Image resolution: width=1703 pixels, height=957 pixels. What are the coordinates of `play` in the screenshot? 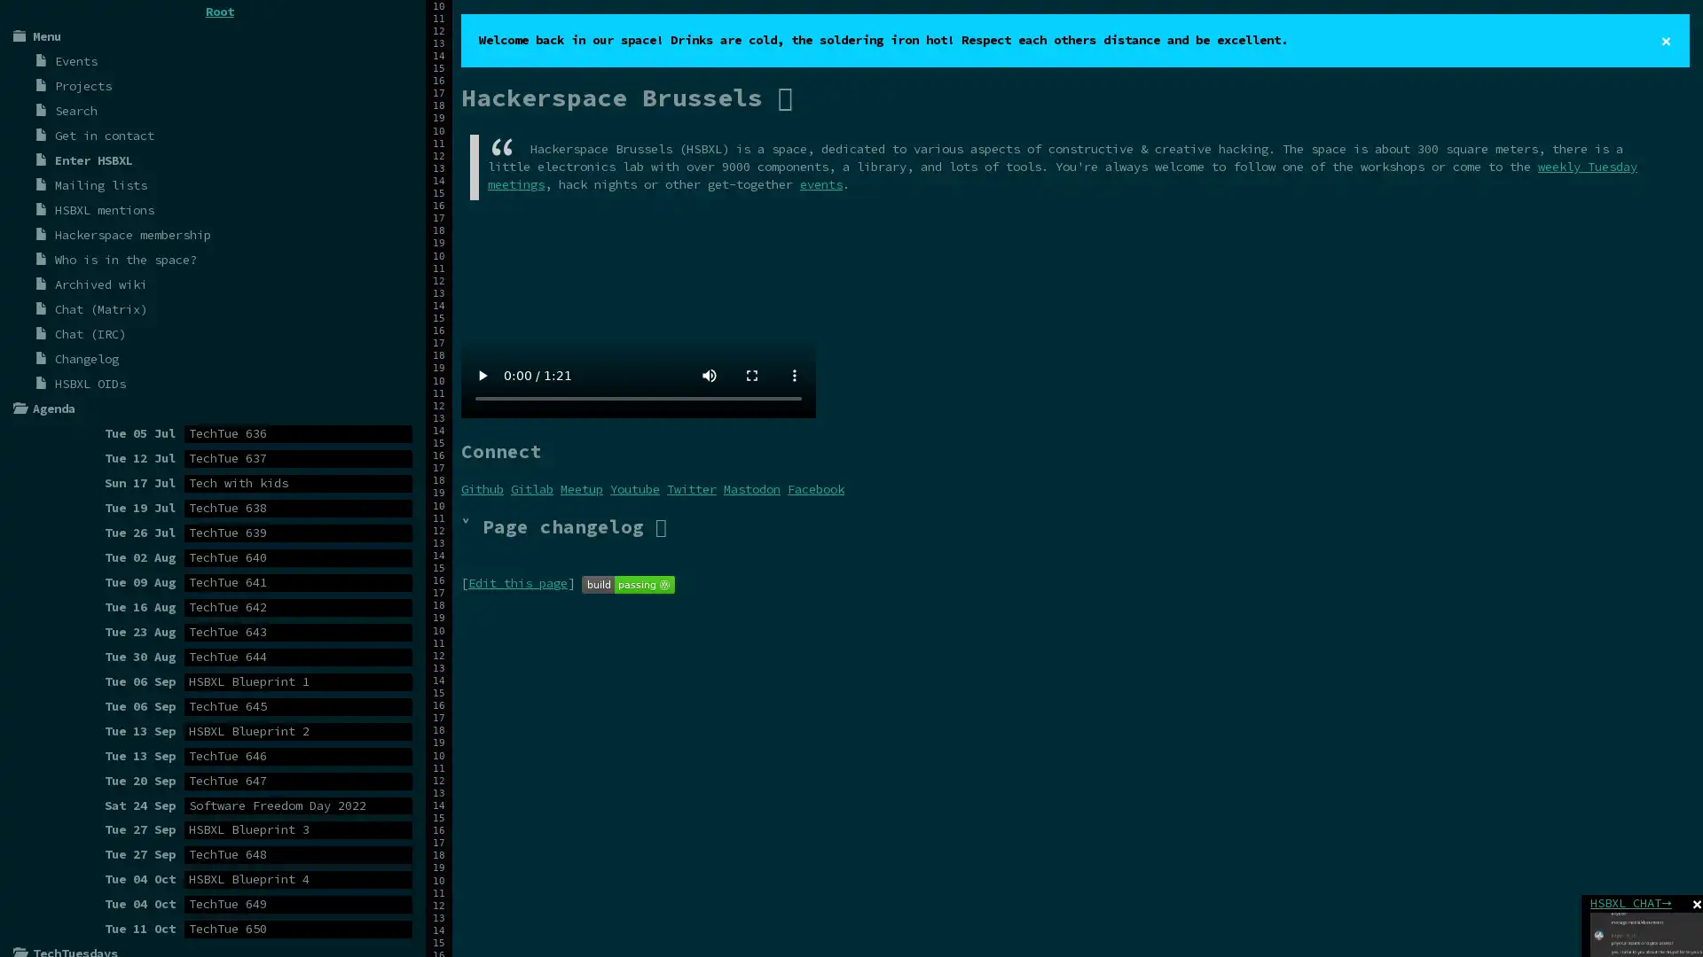 It's located at (482, 374).